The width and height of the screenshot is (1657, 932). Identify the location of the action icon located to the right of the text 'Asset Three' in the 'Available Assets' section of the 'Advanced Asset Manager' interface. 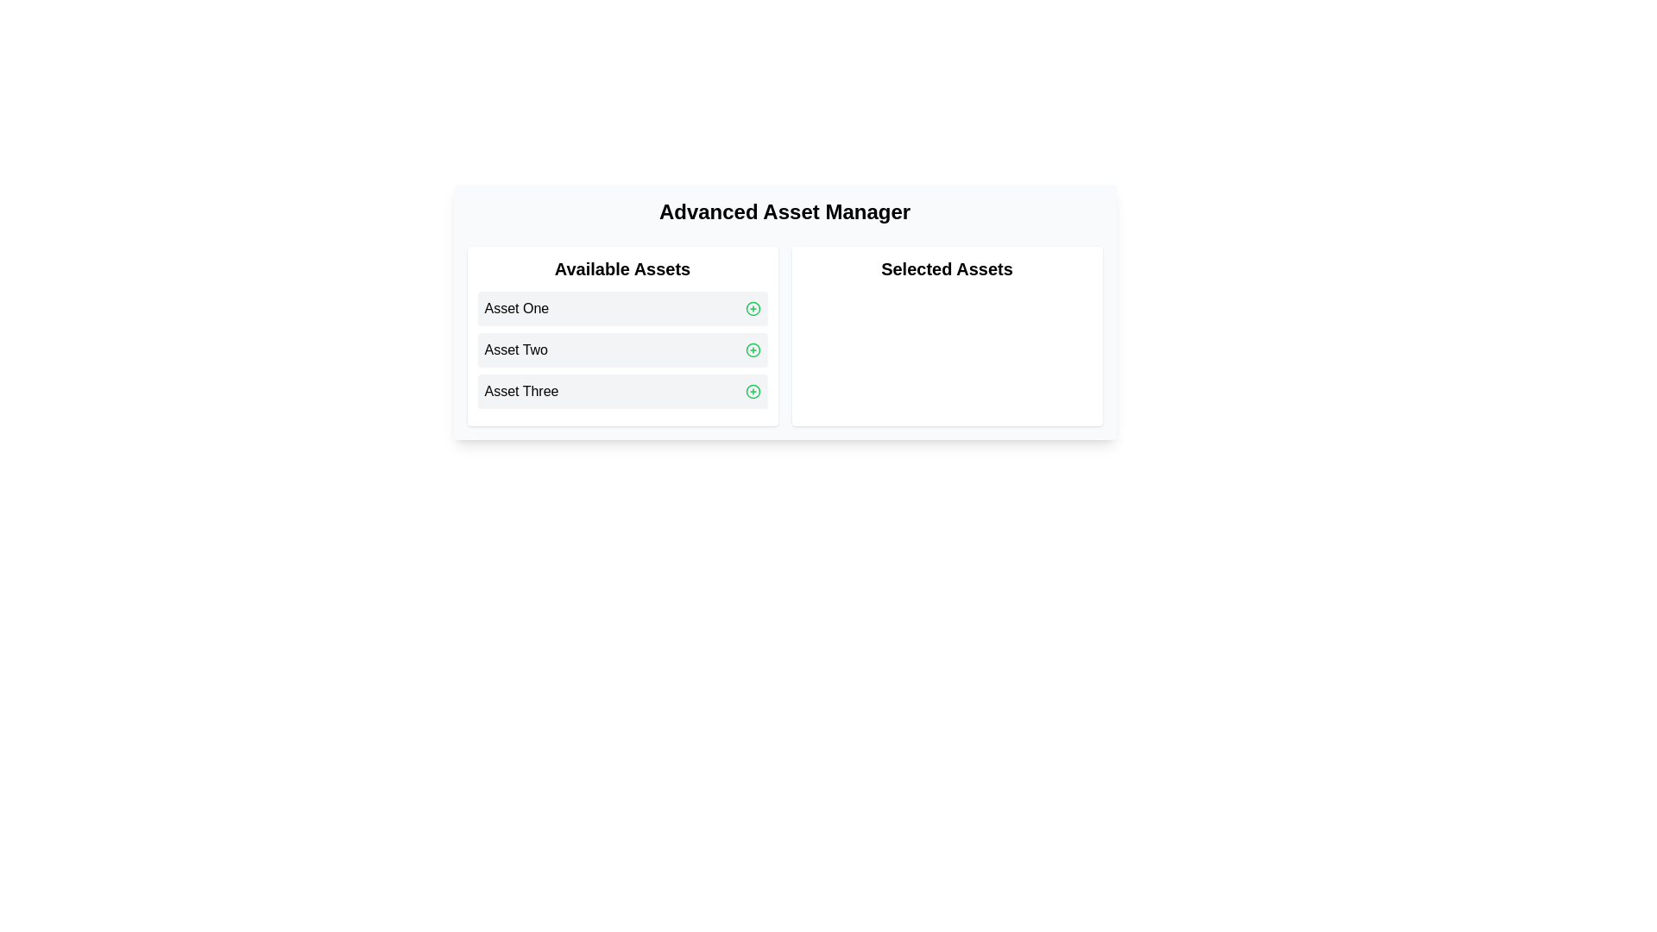
(753, 392).